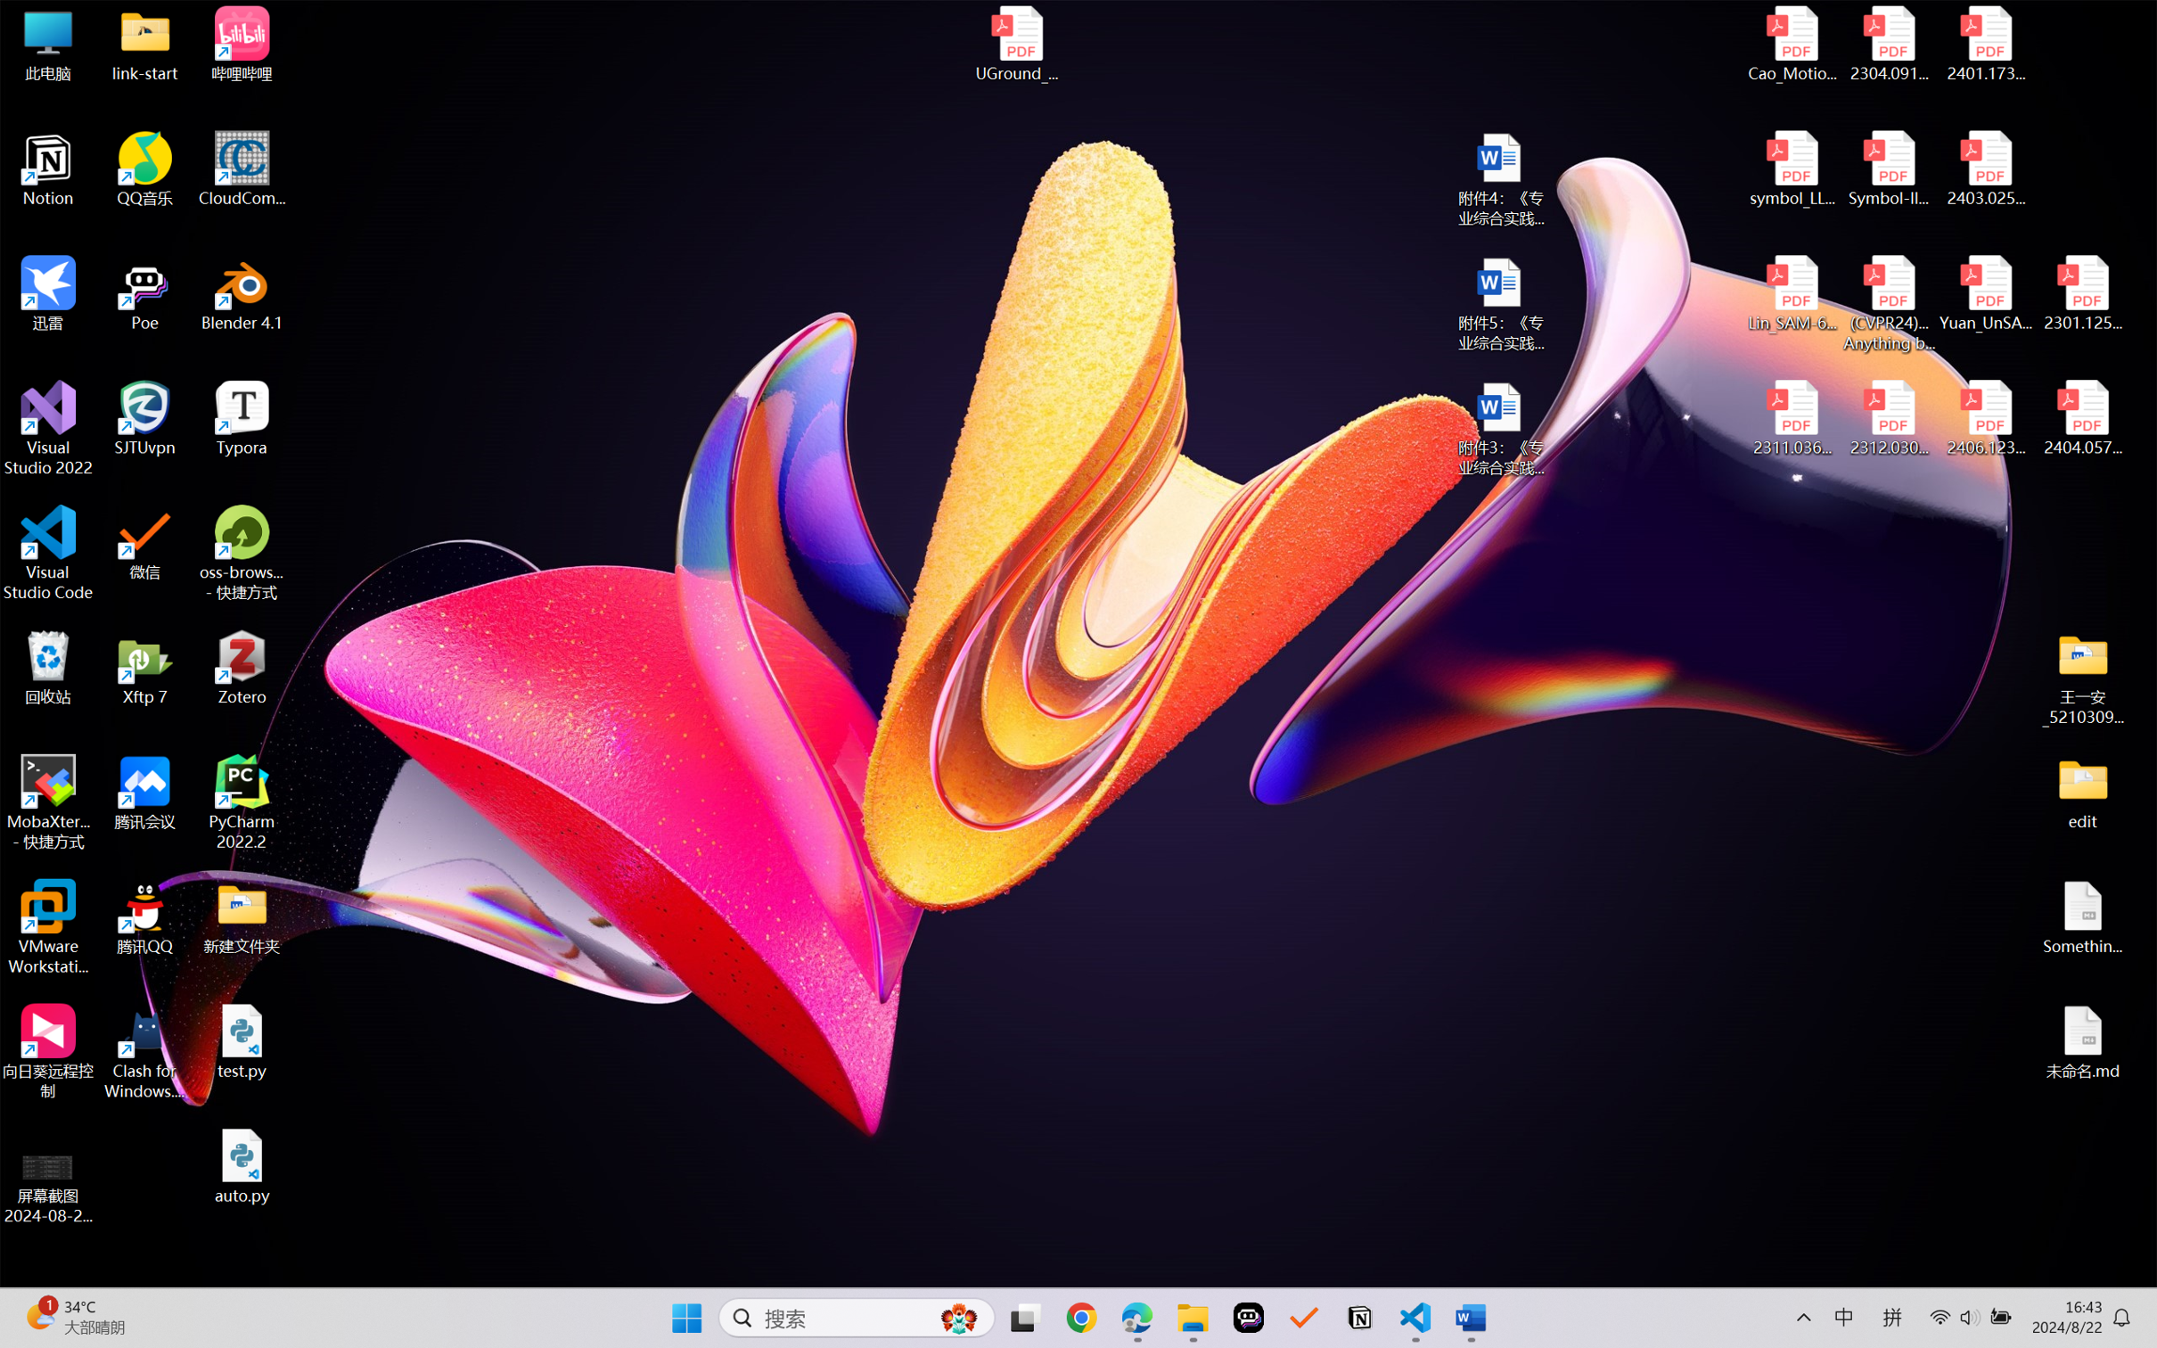  What do you see at coordinates (242, 802) in the screenshot?
I see `'PyCharm 2022.2'` at bounding box center [242, 802].